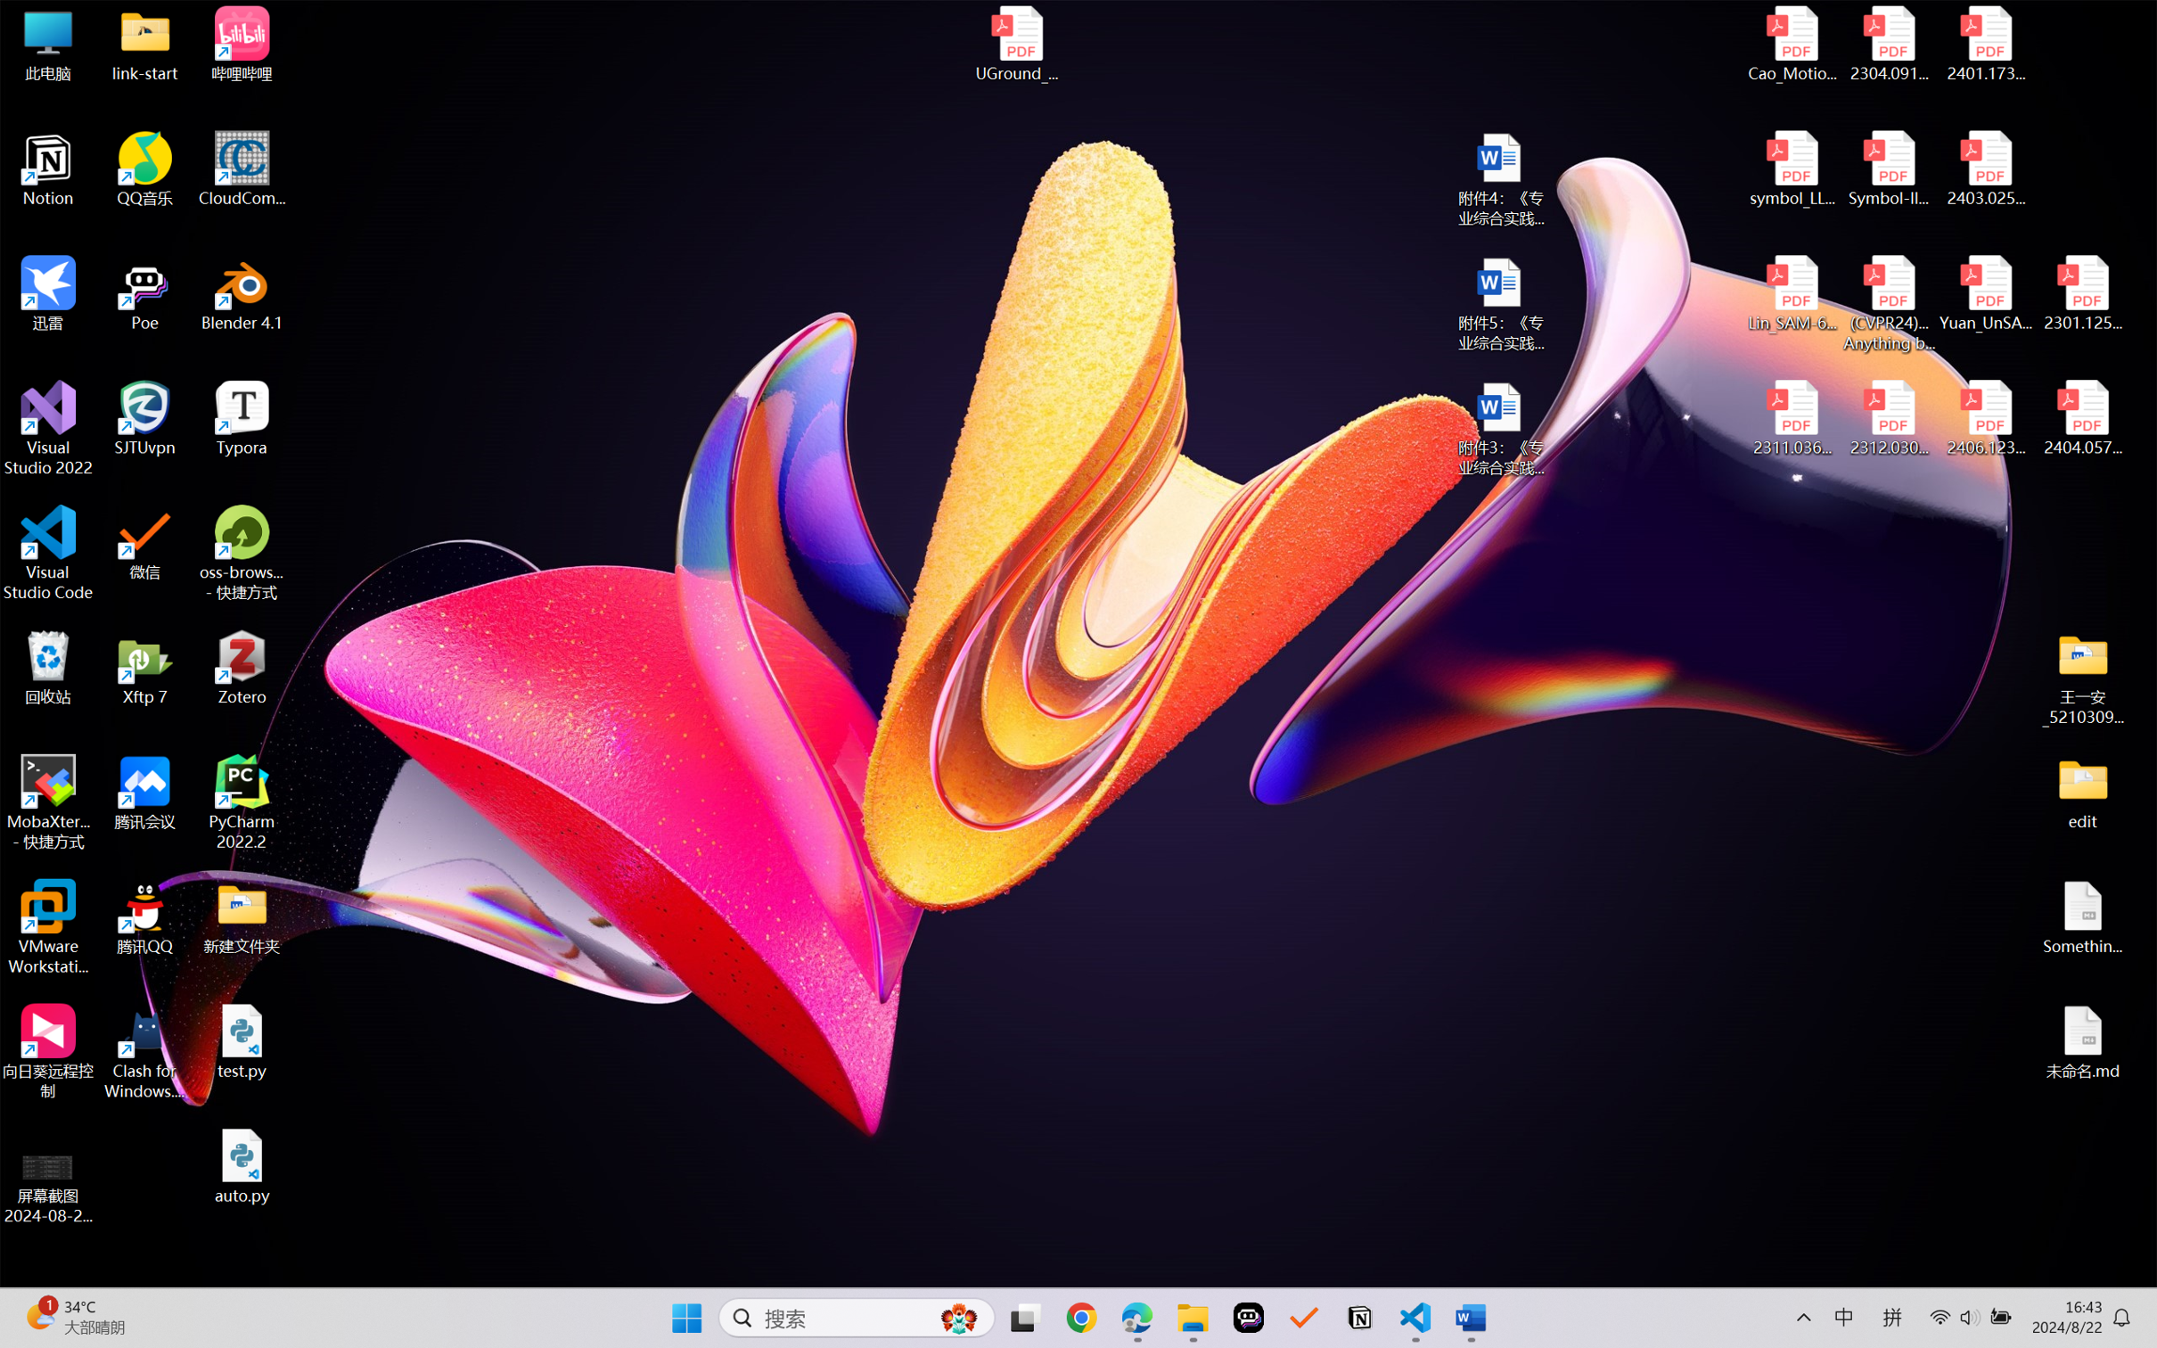  What do you see at coordinates (242, 802) in the screenshot?
I see `'PyCharm 2022.2'` at bounding box center [242, 802].